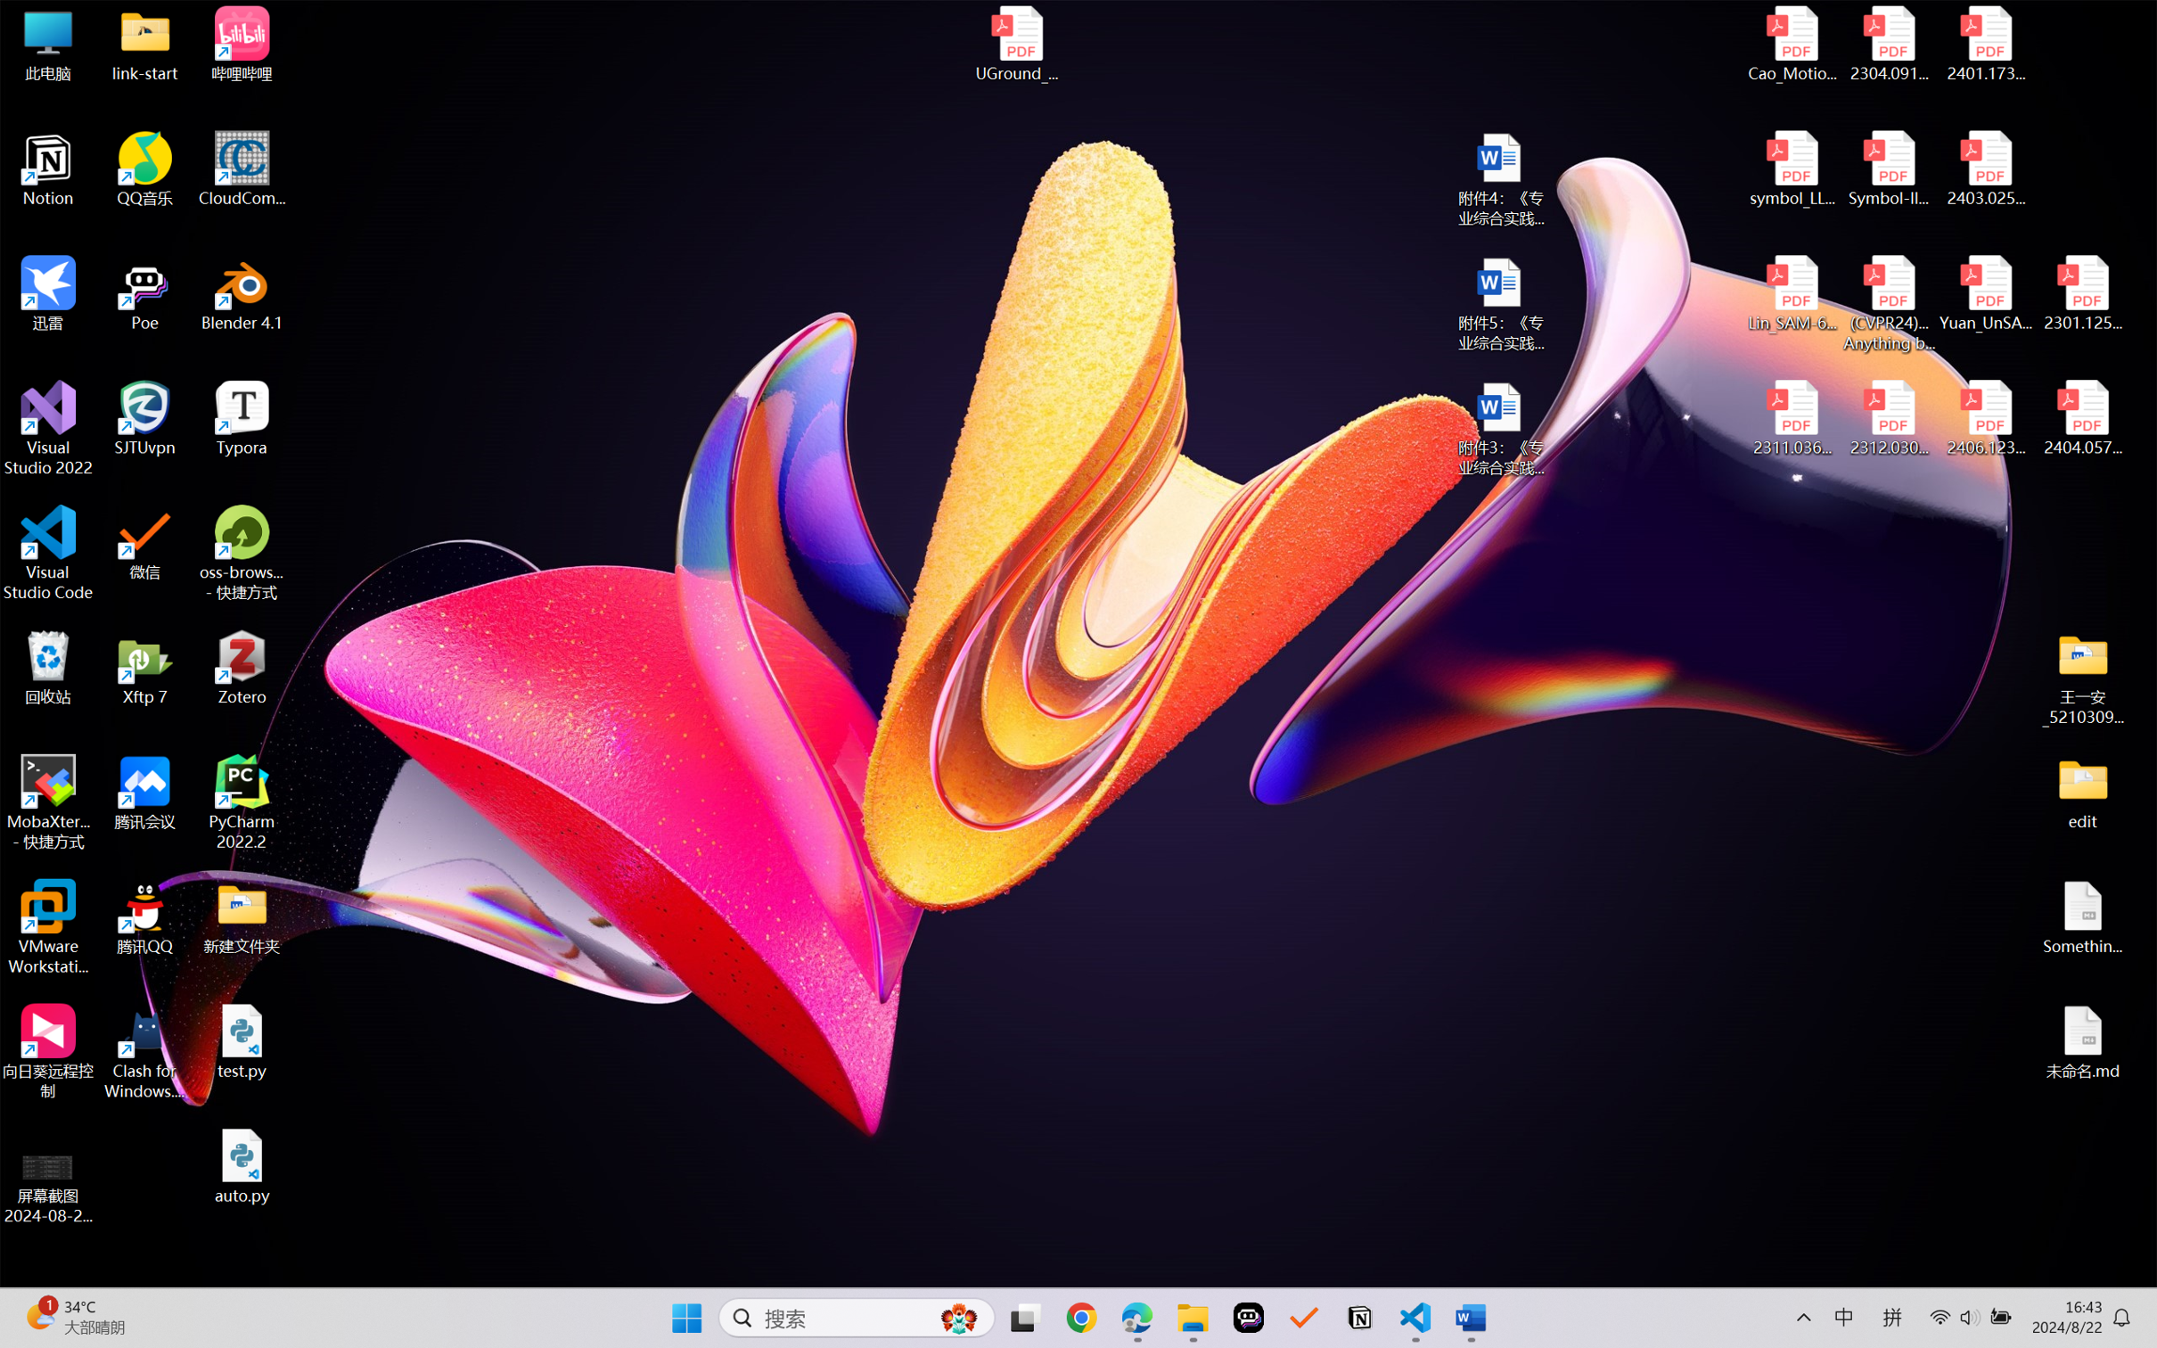  What do you see at coordinates (242, 802) in the screenshot?
I see `'PyCharm 2022.2'` at bounding box center [242, 802].